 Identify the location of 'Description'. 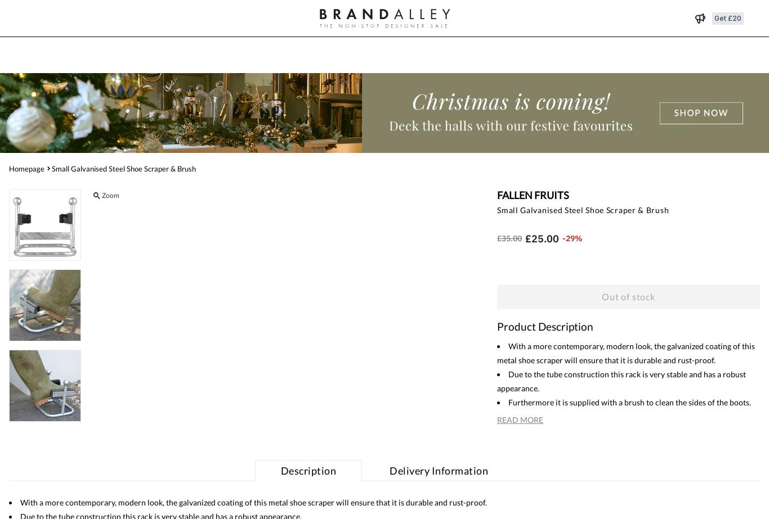
(308, 469).